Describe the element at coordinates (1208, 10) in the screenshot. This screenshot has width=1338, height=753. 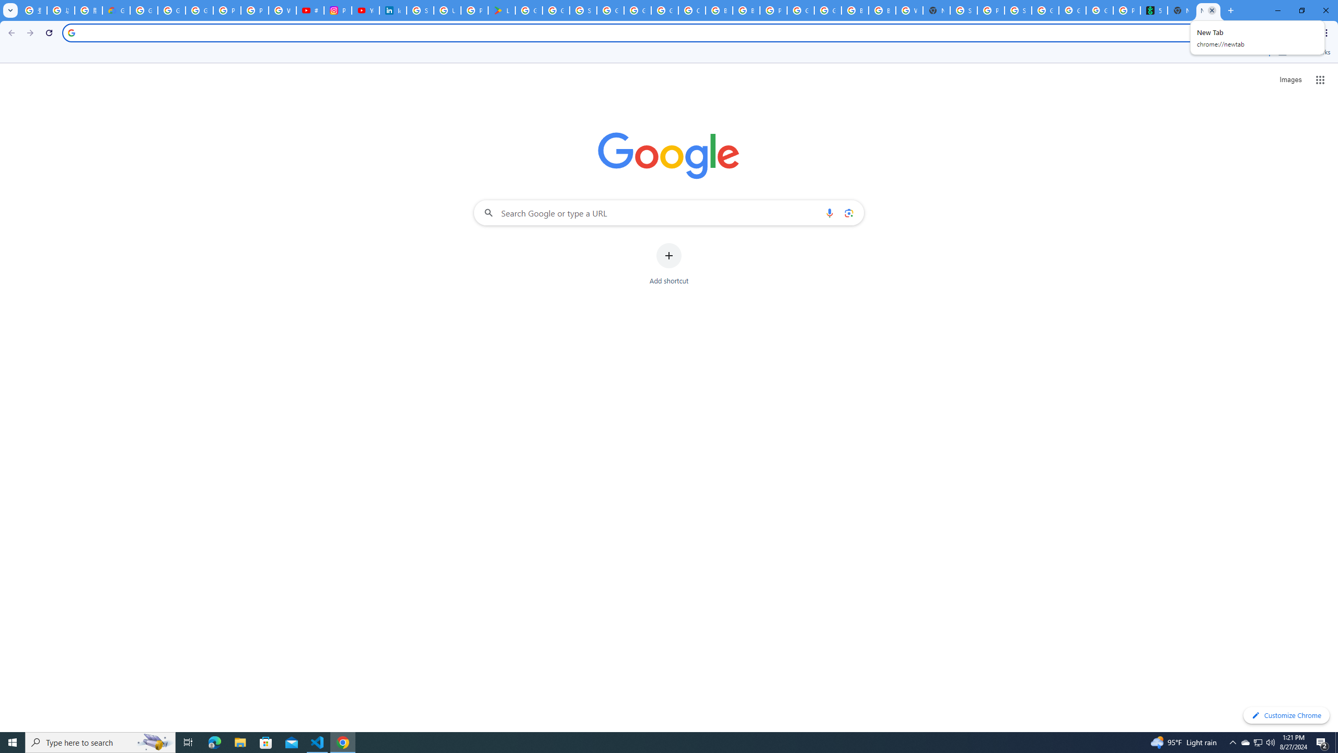
I see `'New Tab'` at that location.